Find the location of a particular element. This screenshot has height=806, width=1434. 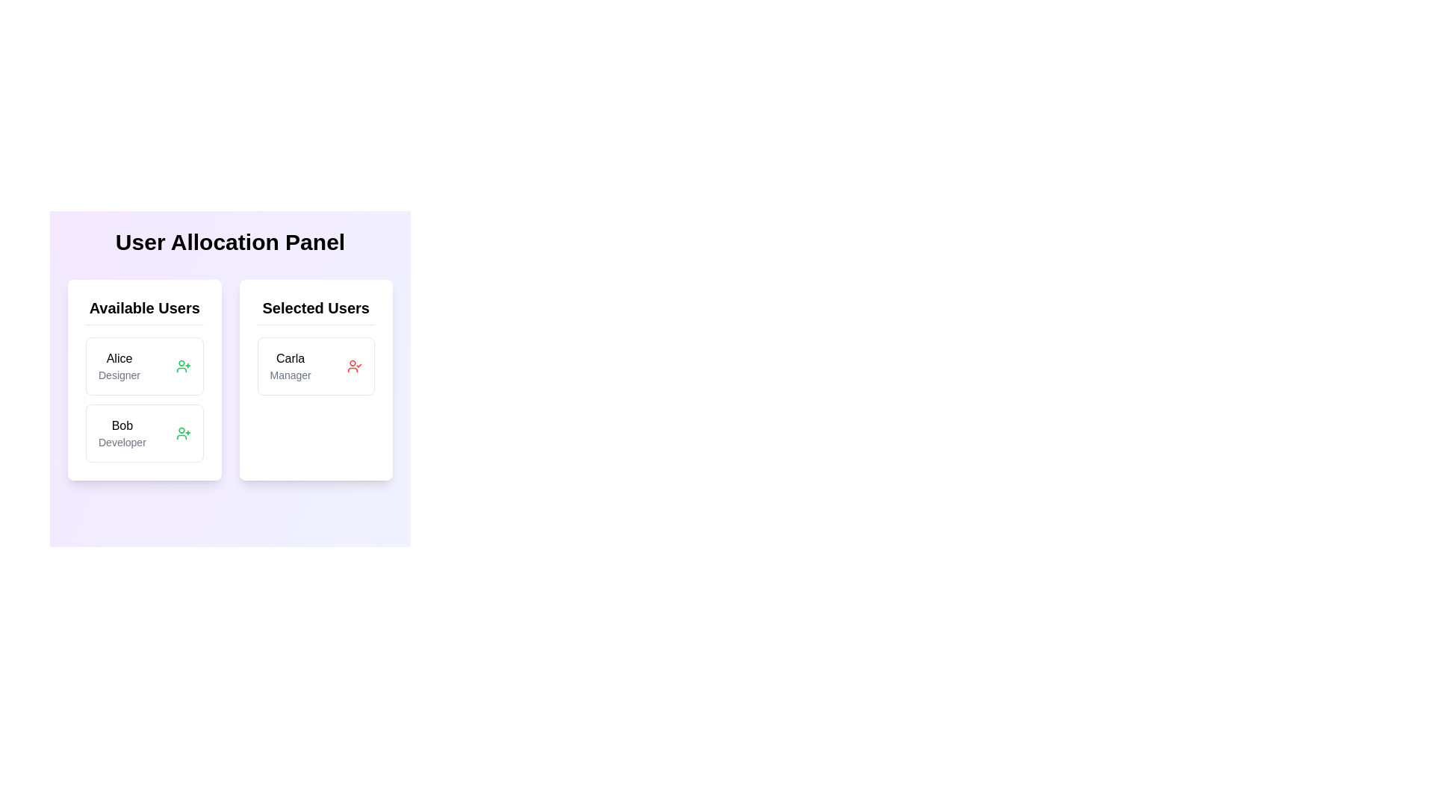

the 'Available Users' list item, located in the left panel of the interface is located at coordinates (144, 399).